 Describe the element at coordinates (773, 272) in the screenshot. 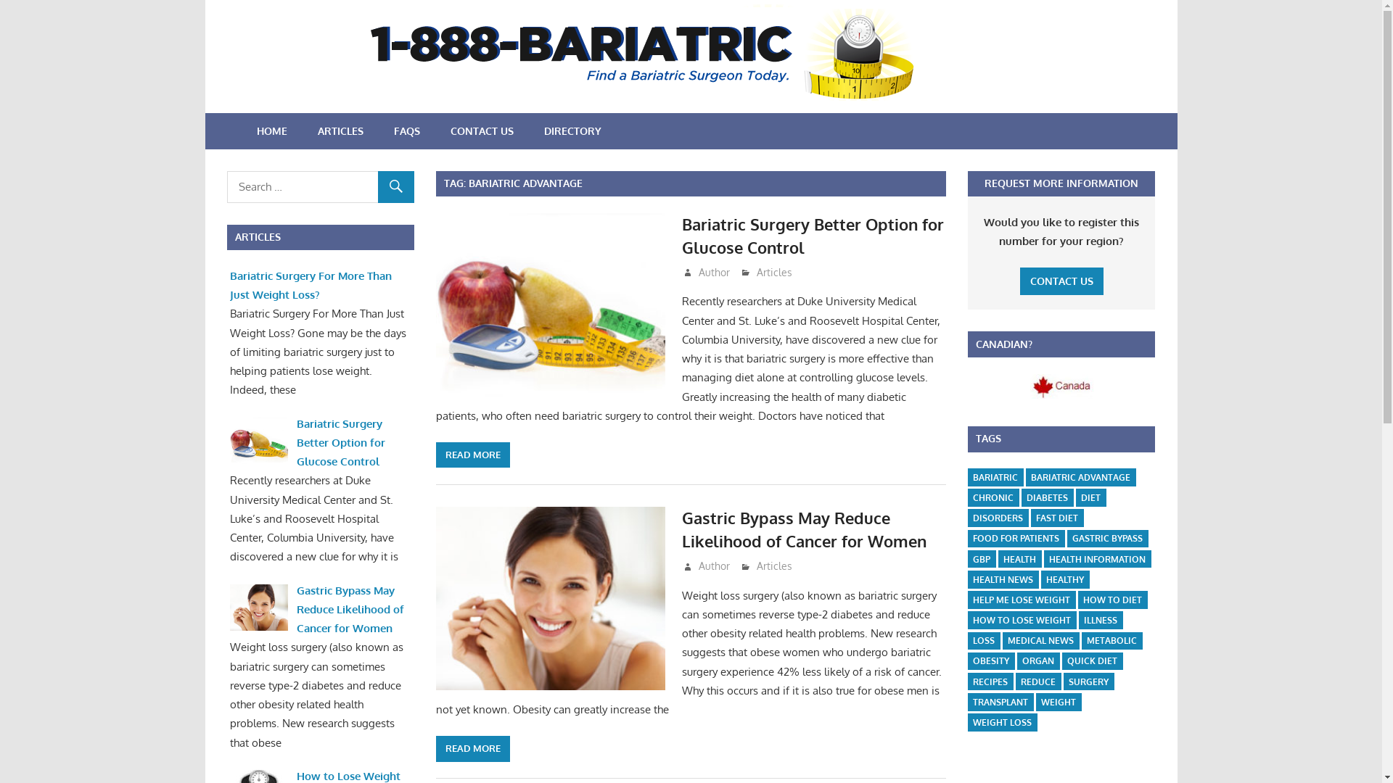

I see `'Articles'` at that location.